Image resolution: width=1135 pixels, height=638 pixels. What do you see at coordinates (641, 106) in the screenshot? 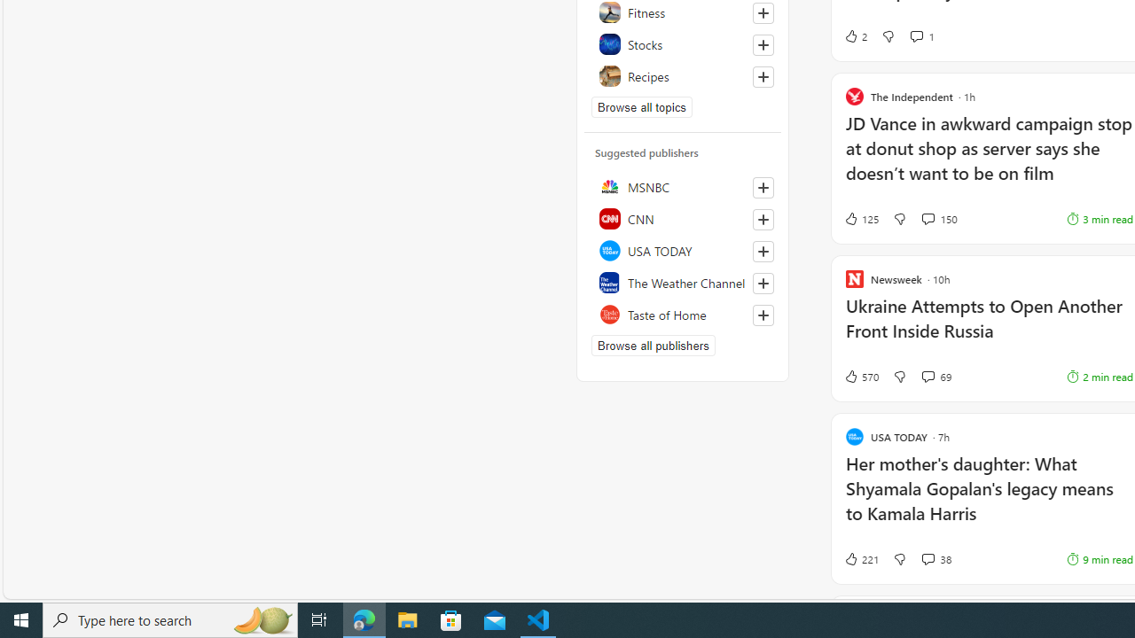
I see `'Browse all topics'` at bounding box center [641, 106].